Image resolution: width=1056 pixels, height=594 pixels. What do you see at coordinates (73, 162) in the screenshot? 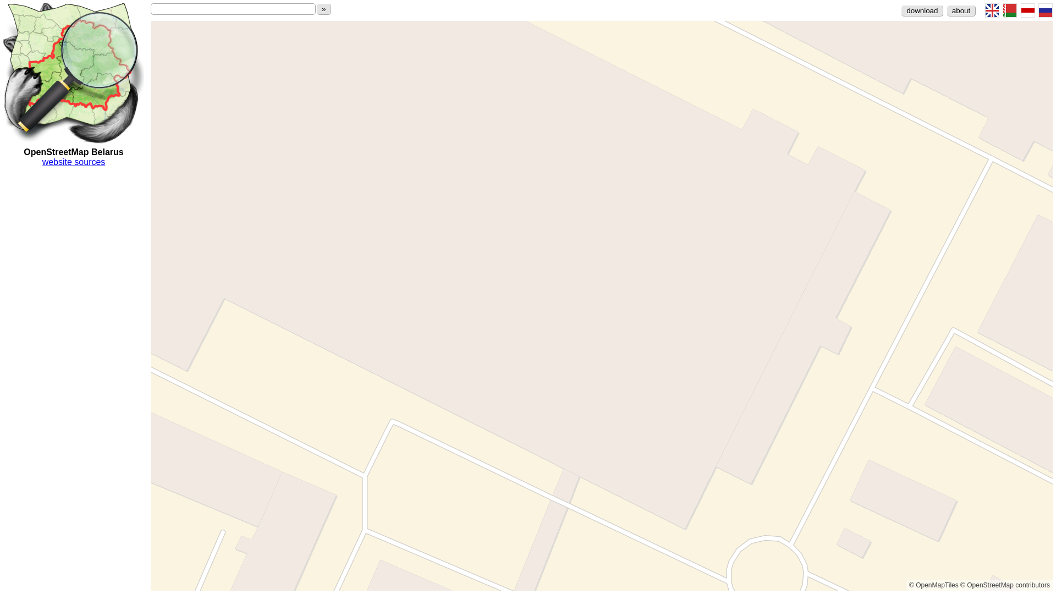
I see `'website sources'` at bounding box center [73, 162].